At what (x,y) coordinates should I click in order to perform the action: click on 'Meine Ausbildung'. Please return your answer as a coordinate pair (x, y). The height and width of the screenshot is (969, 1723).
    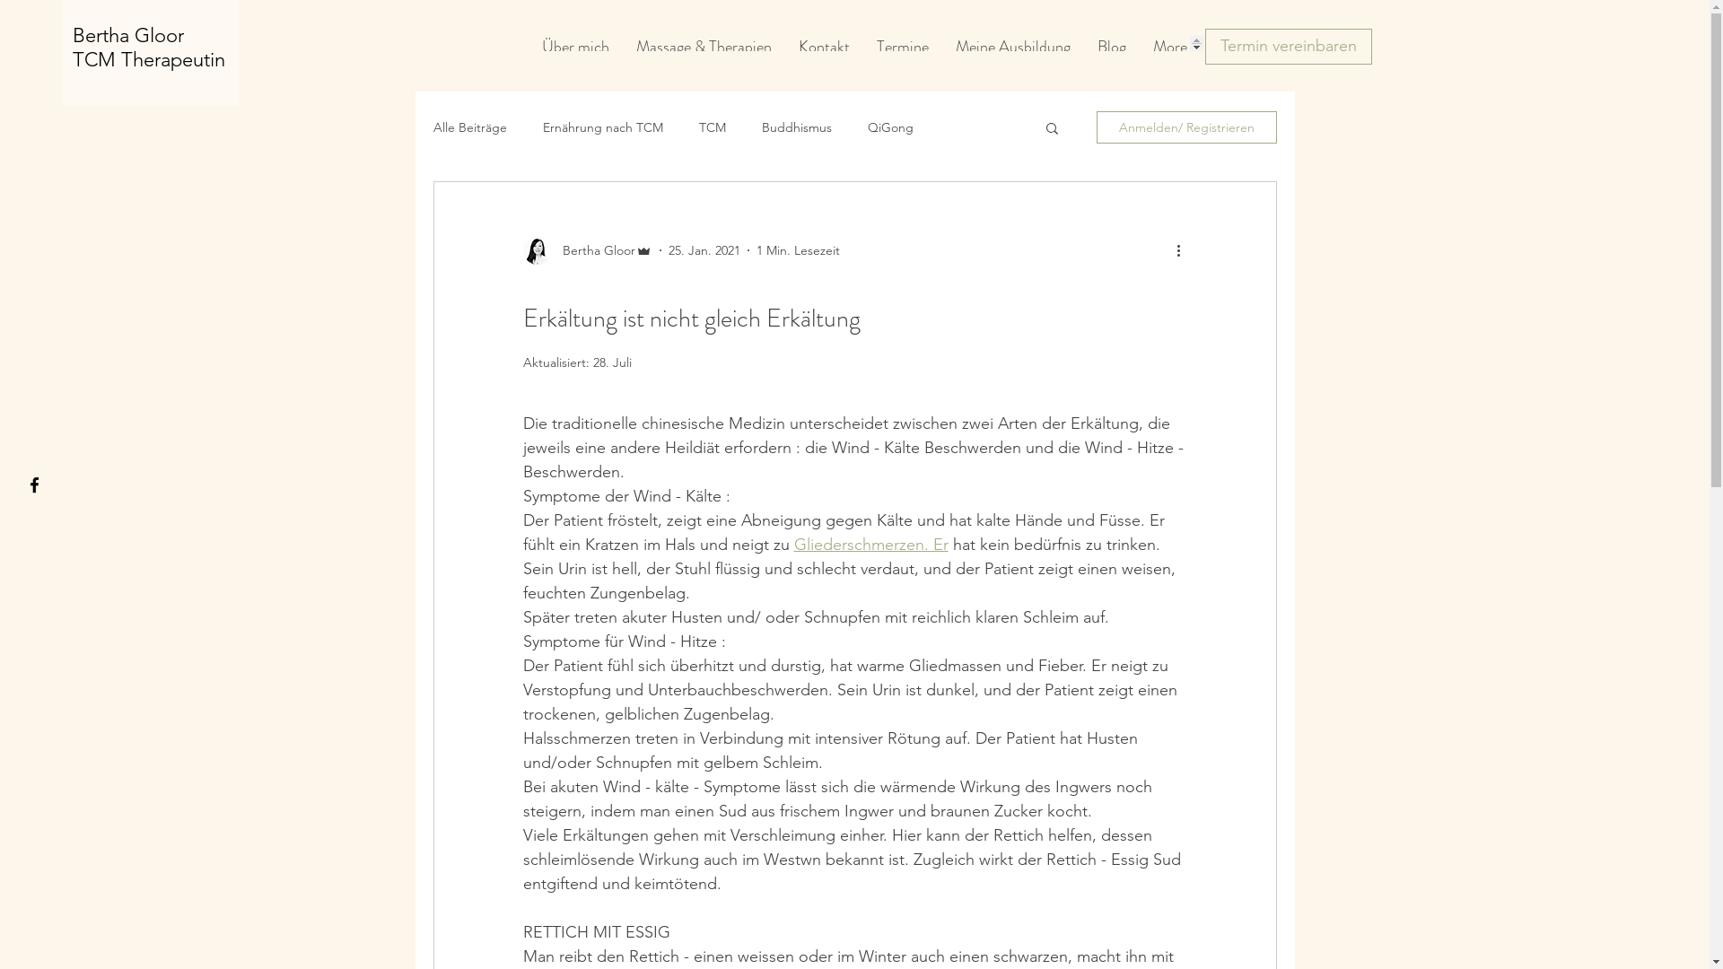
    Looking at the image, I should click on (1012, 42).